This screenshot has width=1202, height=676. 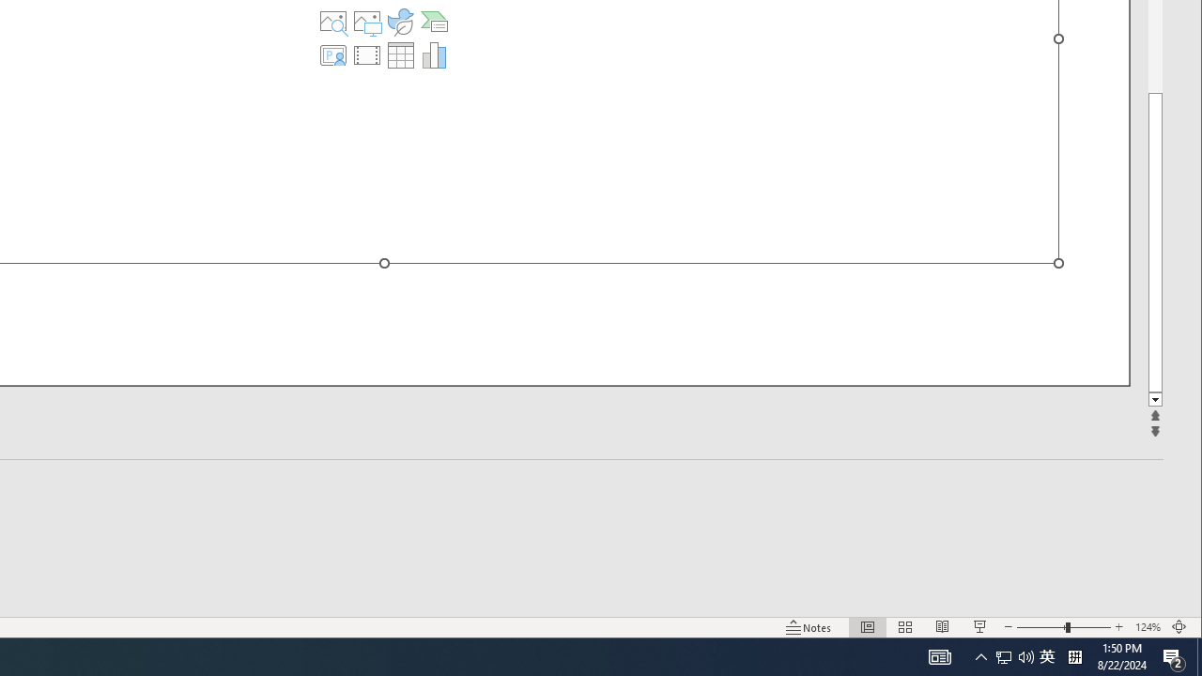 I want to click on 'Insert a SmartArt Graphic', so click(x=433, y=22).